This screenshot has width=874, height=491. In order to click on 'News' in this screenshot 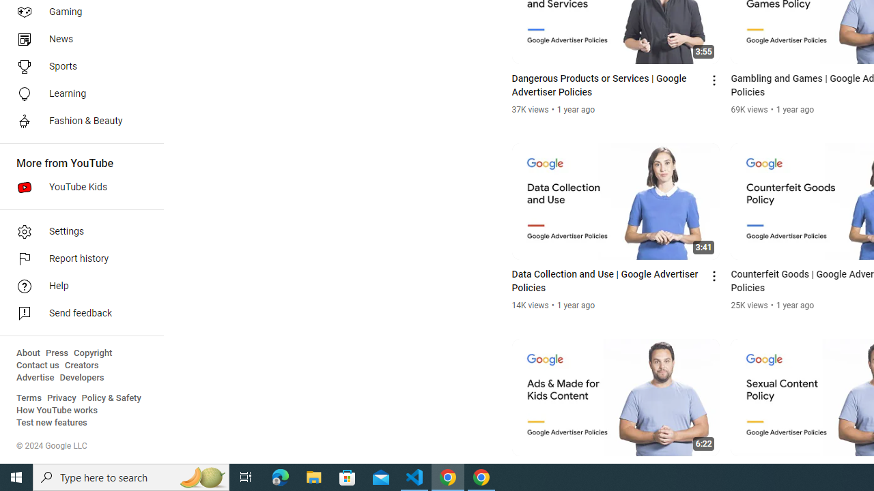, I will do `click(76, 38)`.